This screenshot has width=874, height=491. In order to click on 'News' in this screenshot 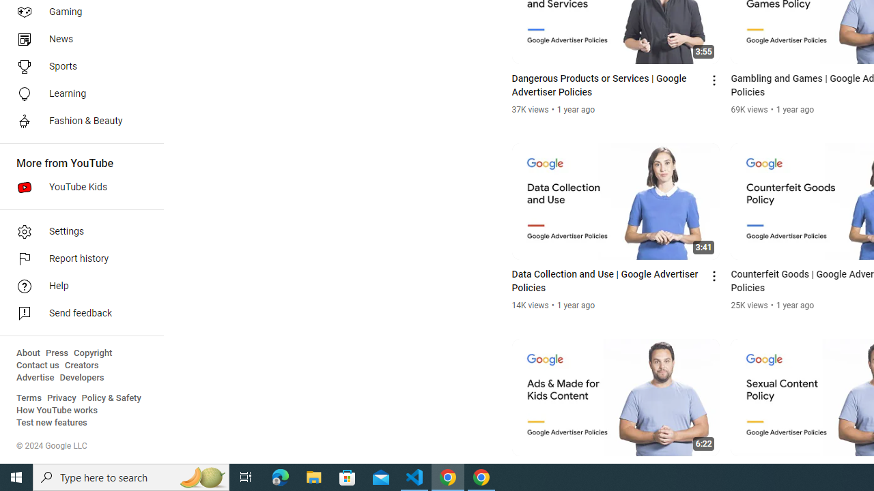, I will do `click(76, 38)`.